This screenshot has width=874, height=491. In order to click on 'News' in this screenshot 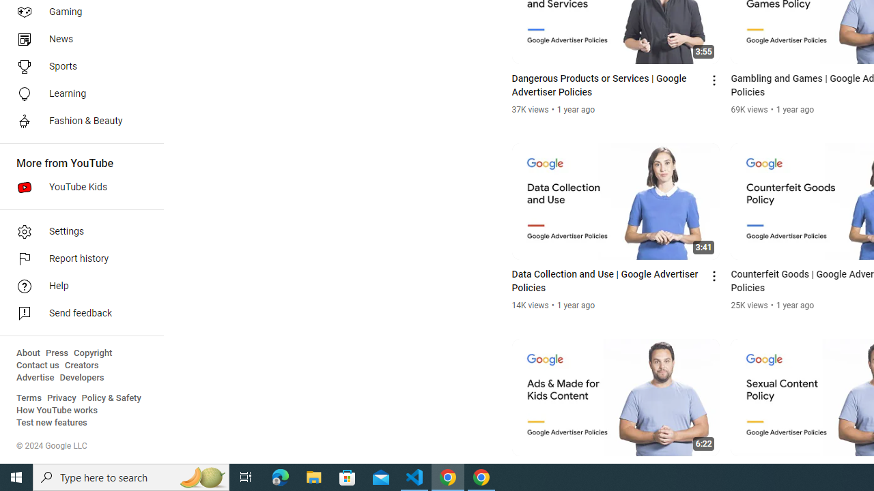, I will do `click(76, 38)`.